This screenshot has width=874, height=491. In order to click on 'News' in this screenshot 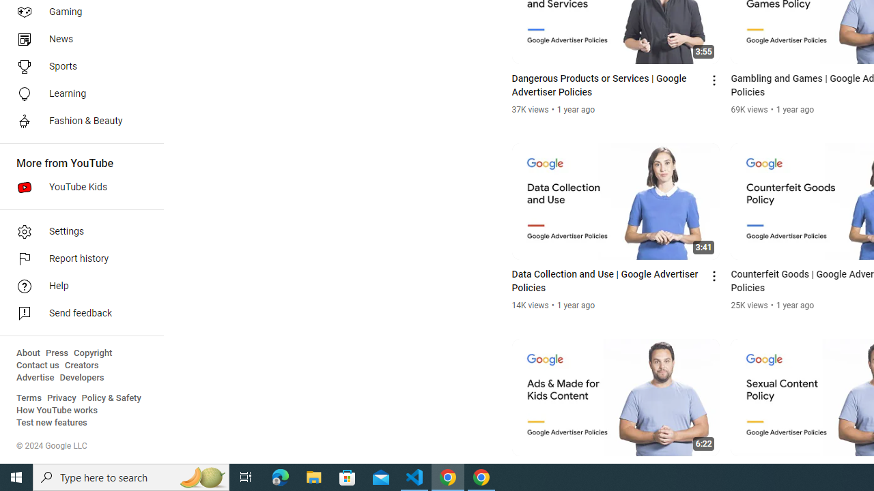, I will do `click(76, 38)`.